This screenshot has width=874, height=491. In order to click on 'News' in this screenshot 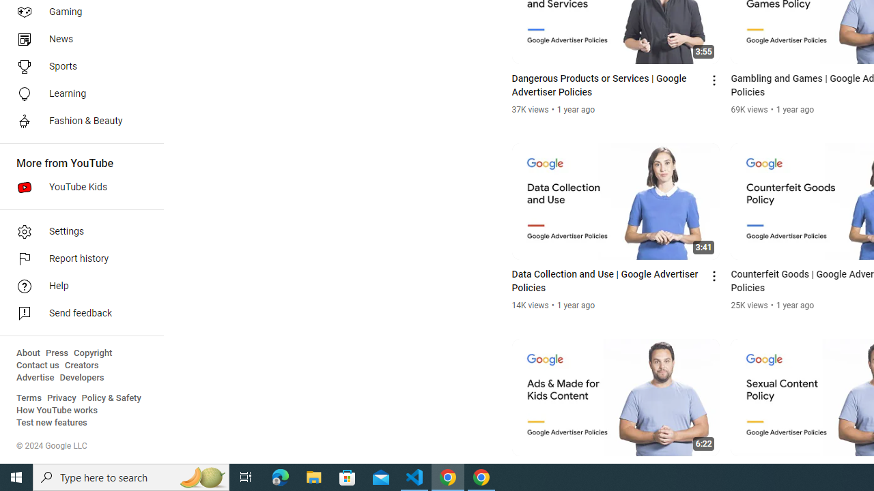, I will do `click(76, 38)`.